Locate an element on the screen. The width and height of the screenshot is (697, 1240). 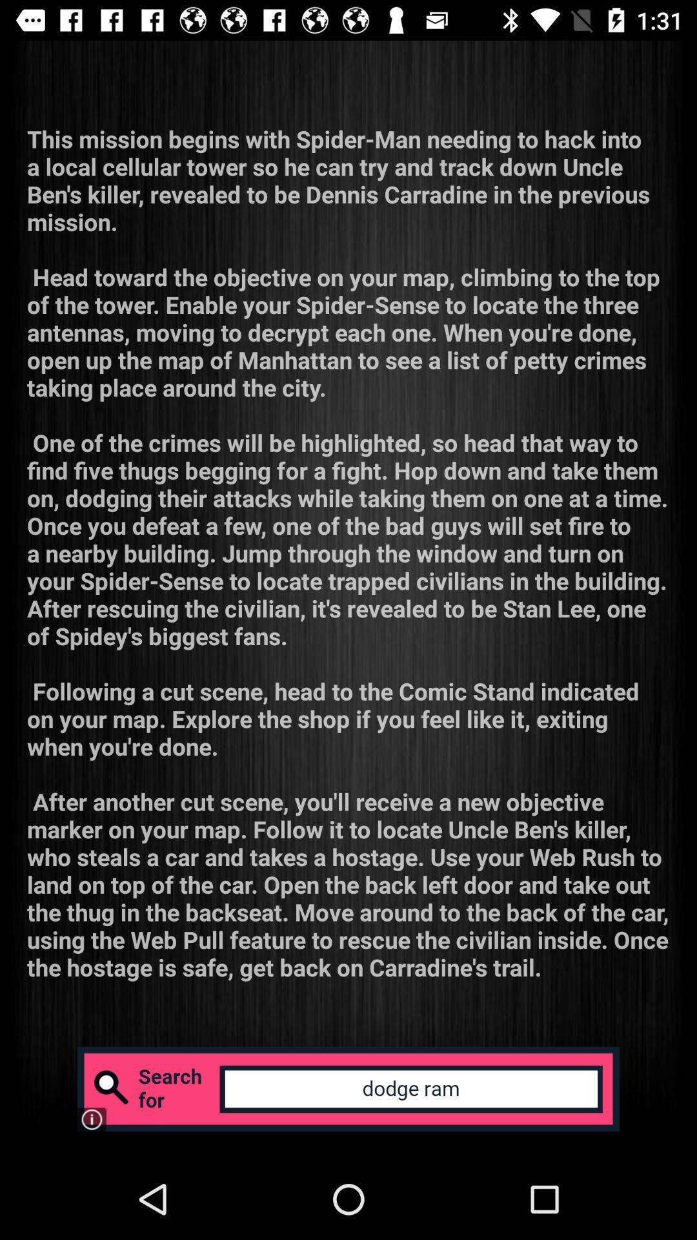
advertisement page is located at coordinates (348, 1088).